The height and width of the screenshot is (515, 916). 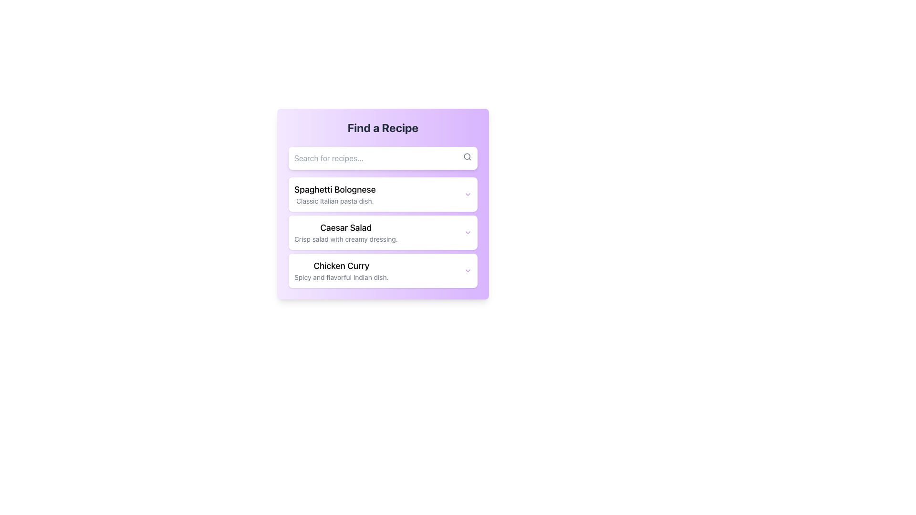 What do you see at coordinates (335, 189) in the screenshot?
I see `text displayed in the bold font labeled 'Spaghetti Bolognese', which is located at the top of a card-like interface item` at bounding box center [335, 189].